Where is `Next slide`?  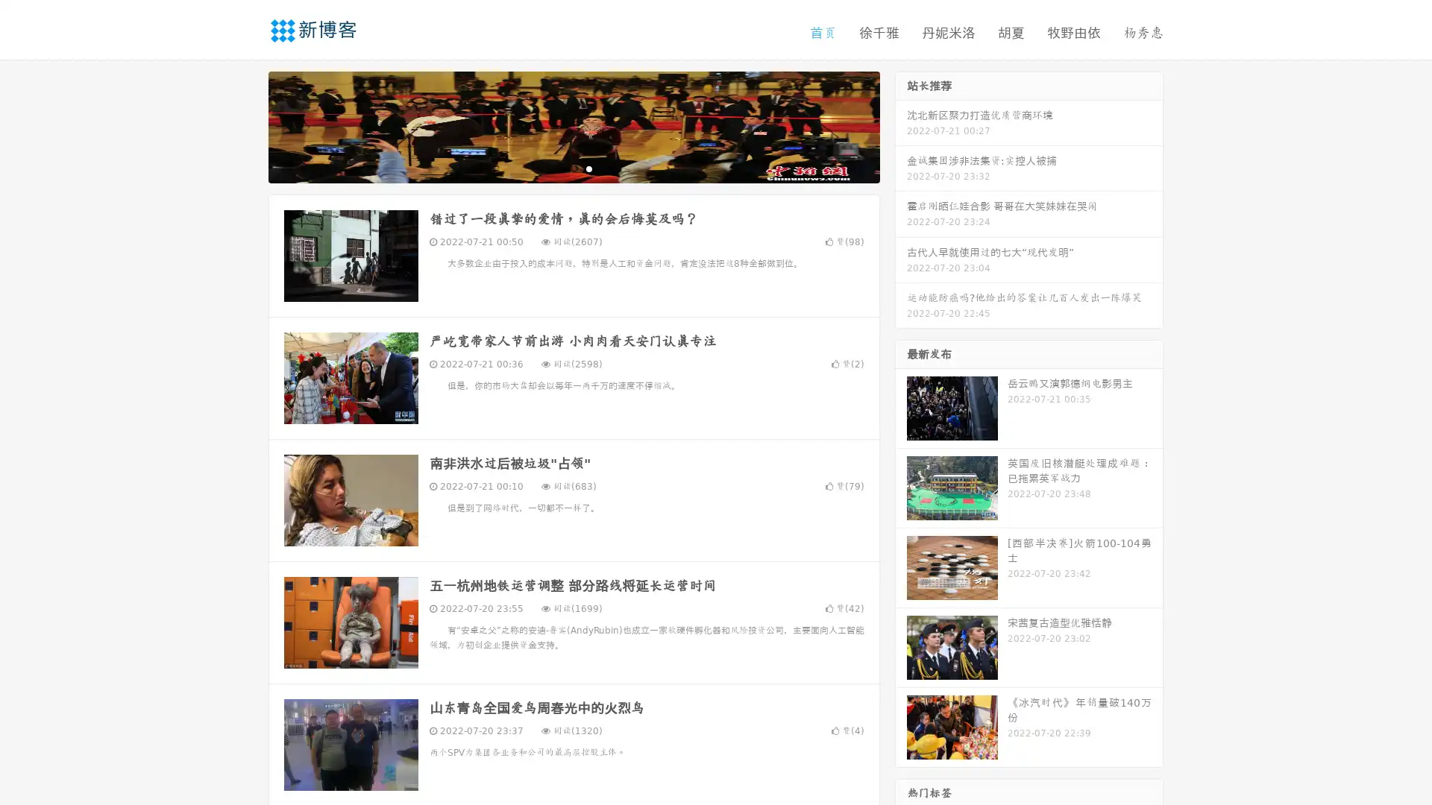
Next slide is located at coordinates (901, 125).